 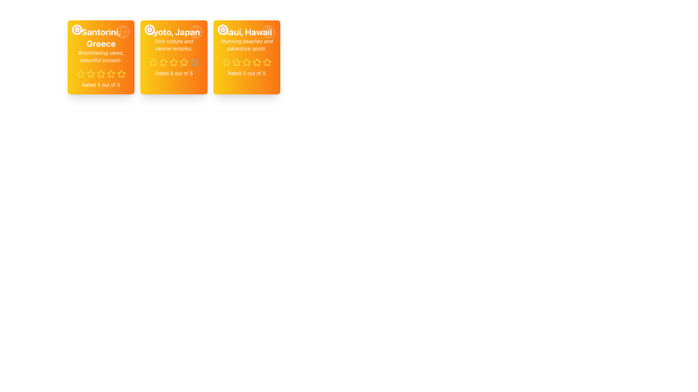 What do you see at coordinates (77, 29) in the screenshot?
I see `the circular informational icon button with an orange border located in the top-left corner of the 'Santorini, Greece' card` at bounding box center [77, 29].